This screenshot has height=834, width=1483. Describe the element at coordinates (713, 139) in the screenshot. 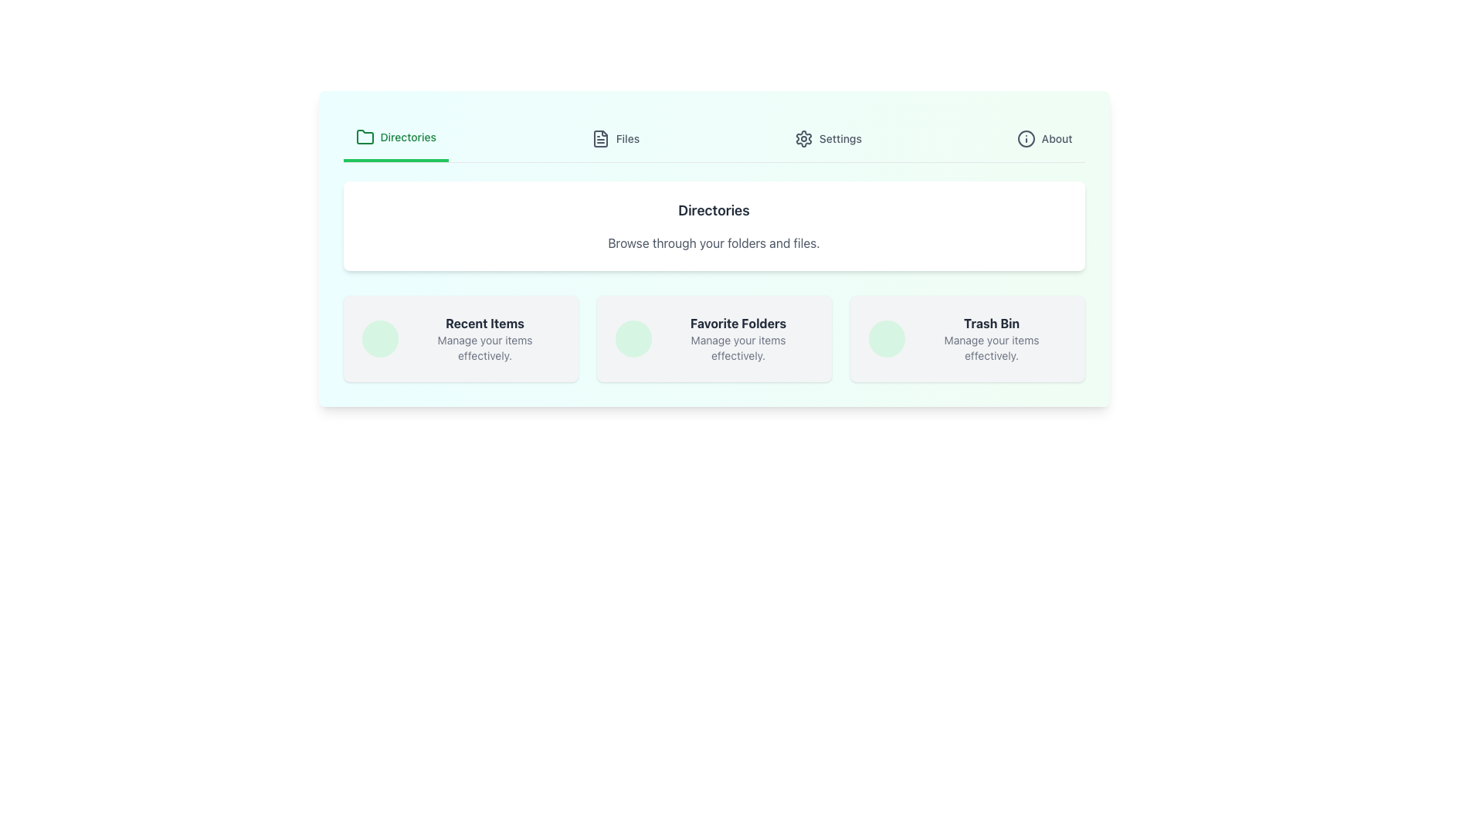

I see `the Navigation Bar at the top center of the interface to view the included labels and icons` at that location.